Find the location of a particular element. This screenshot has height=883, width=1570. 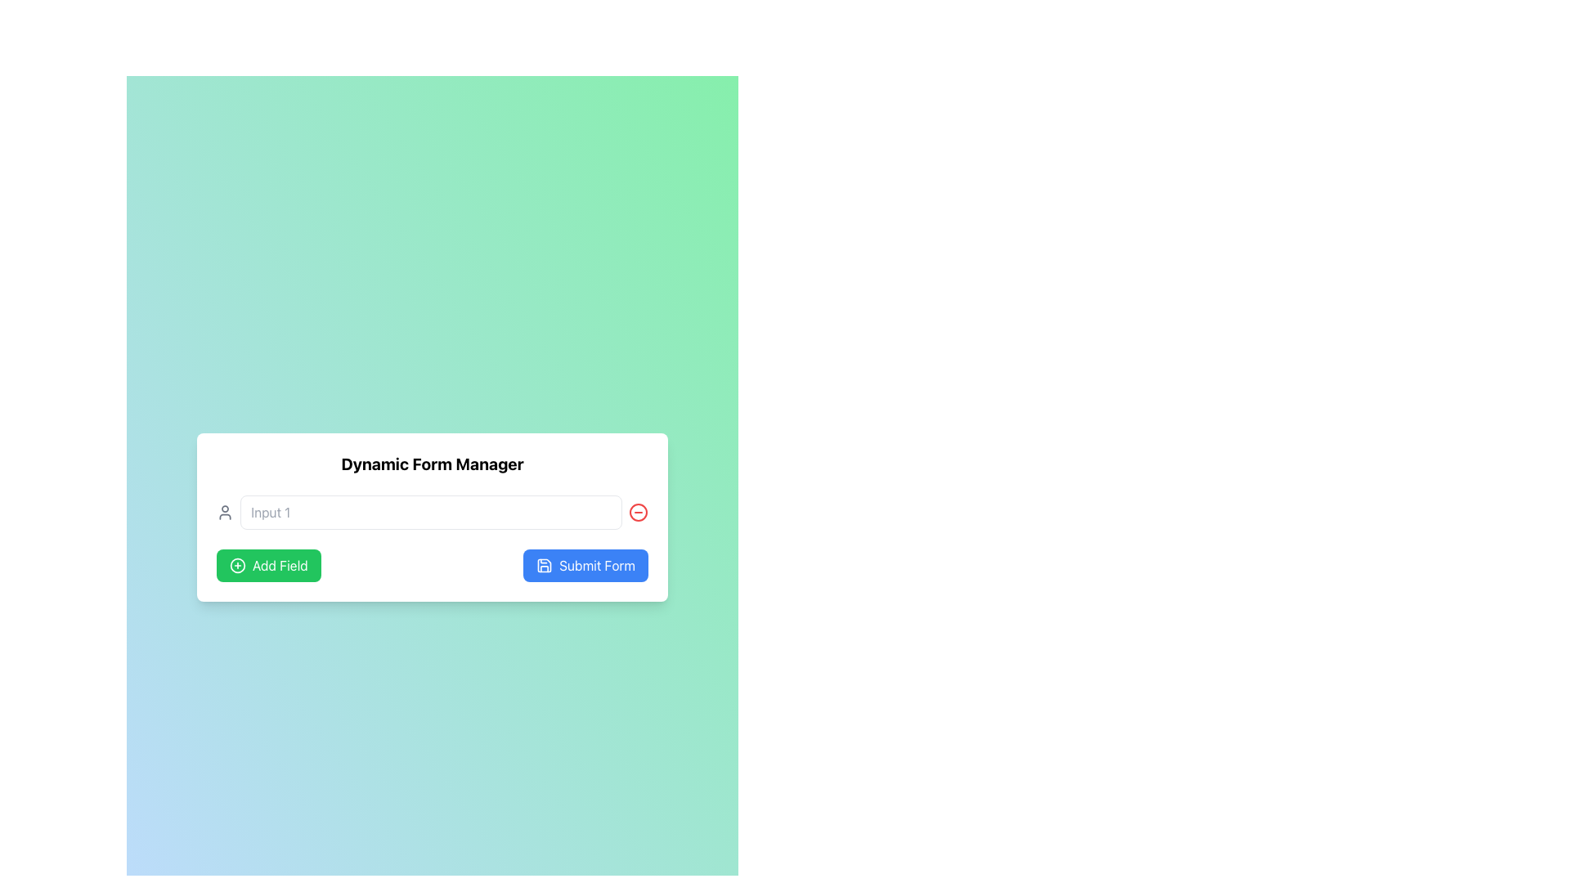

the submit button located at the bottom right of the Dynamic Form Manager interface, adjacent to the 'Add Field' button is located at coordinates (585, 564).